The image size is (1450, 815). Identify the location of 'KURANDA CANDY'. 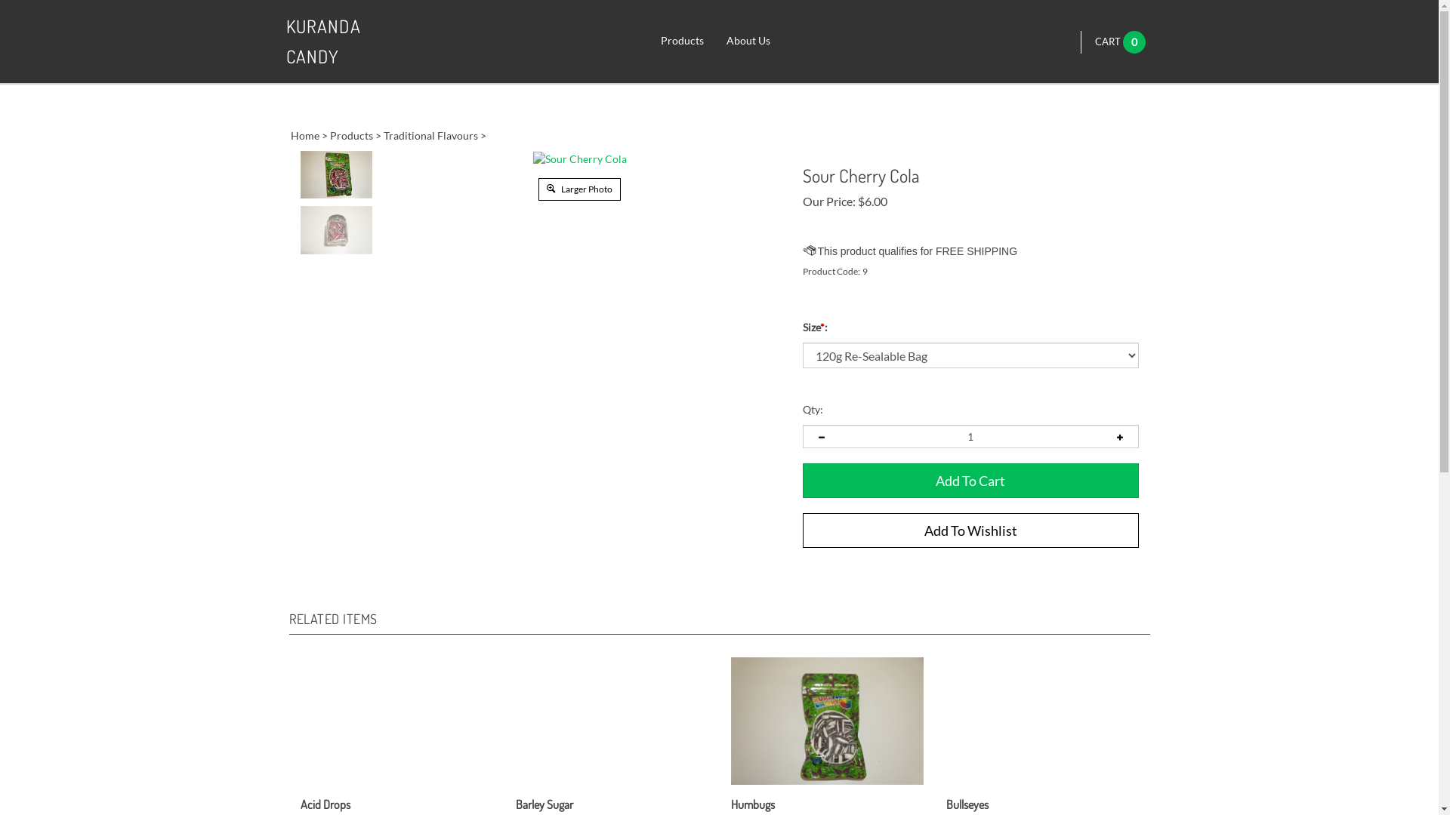
(347, 40).